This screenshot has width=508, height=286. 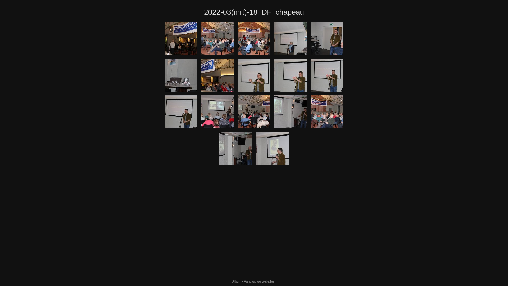 I want to click on 'Chapeau 18.03.22_004', so click(x=217, y=38).